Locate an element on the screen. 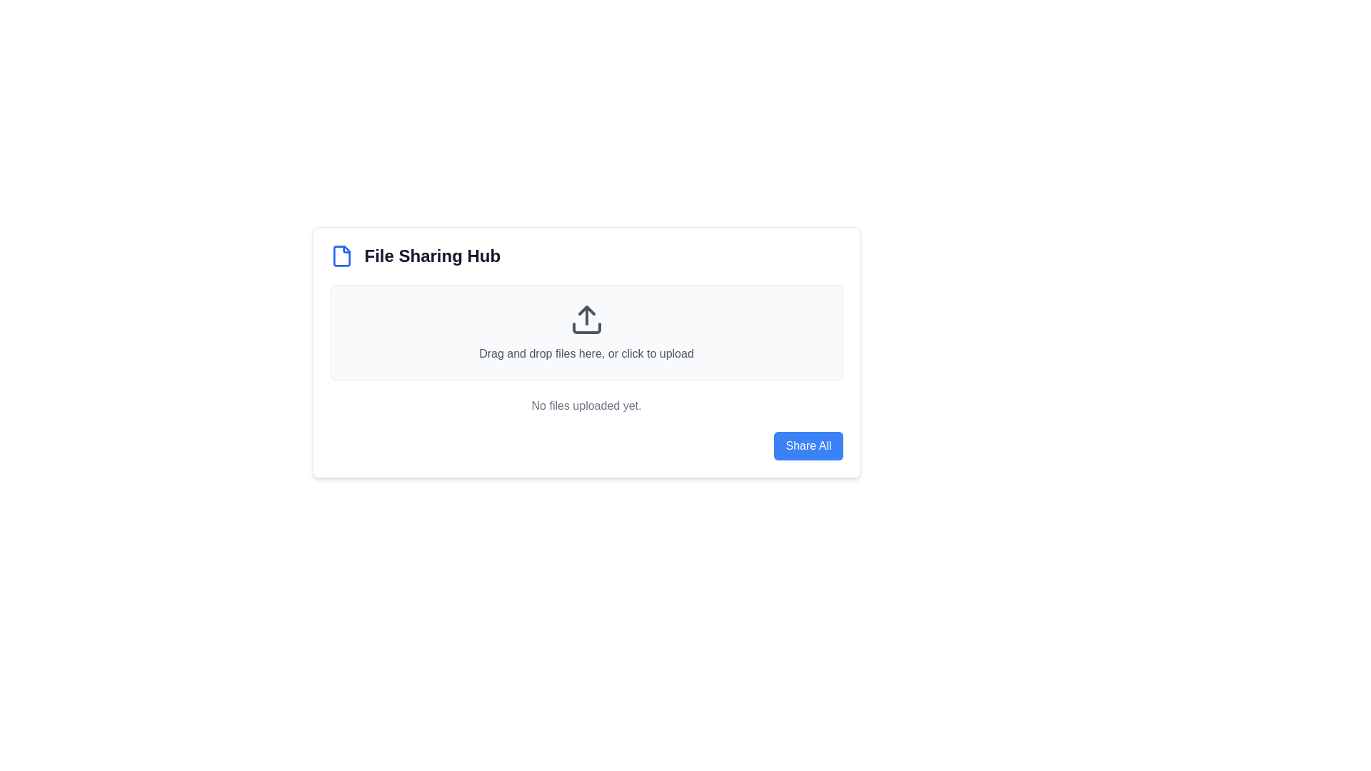 The width and height of the screenshot is (1371, 771). the file input area of the file sharing interface is located at coordinates (586, 352).